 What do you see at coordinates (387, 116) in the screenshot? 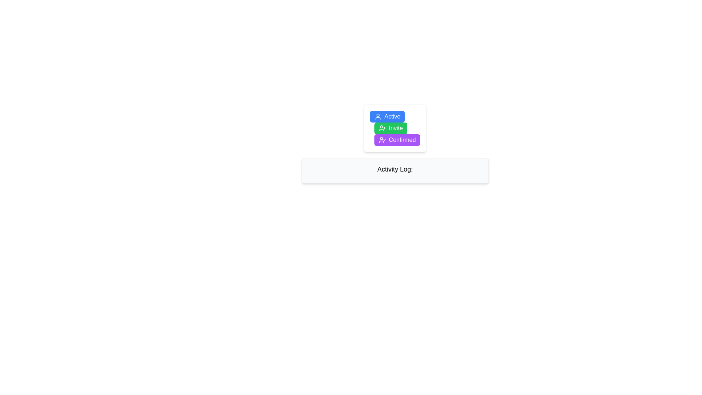
I see `the top button labeled 'Active' with a blue background and user profile icon` at bounding box center [387, 116].